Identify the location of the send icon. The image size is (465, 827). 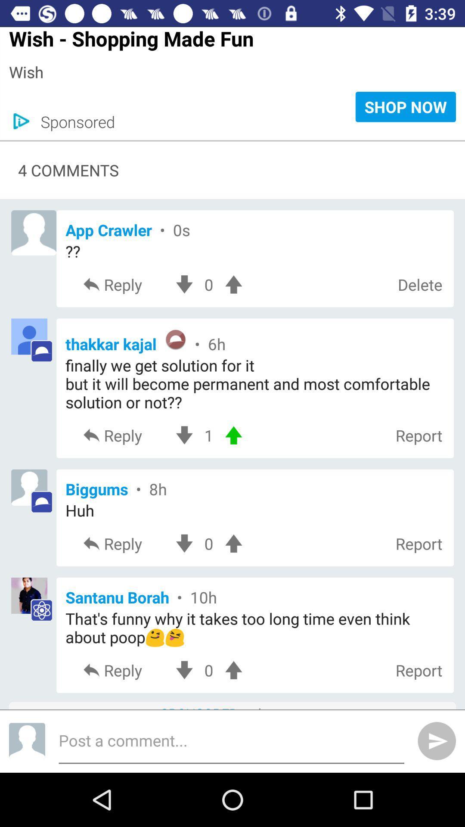
(437, 740).